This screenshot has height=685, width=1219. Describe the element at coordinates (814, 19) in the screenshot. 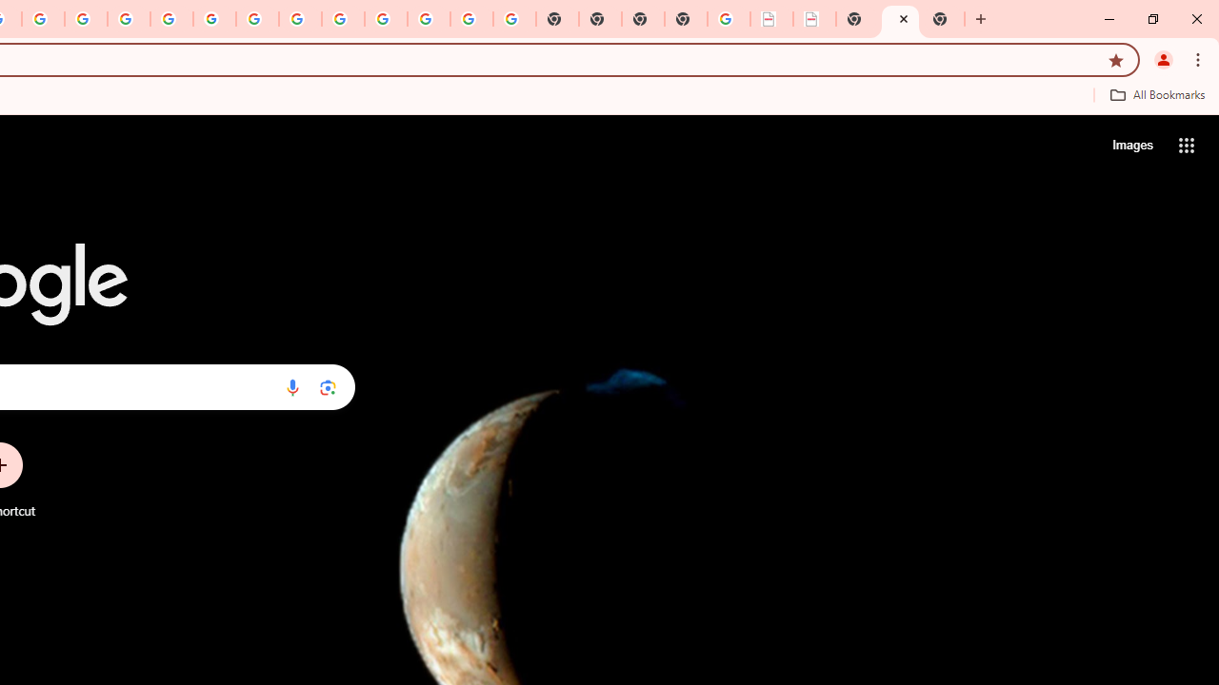

I see `'BAE Systems Brasil | BAE Systems'` at that location.